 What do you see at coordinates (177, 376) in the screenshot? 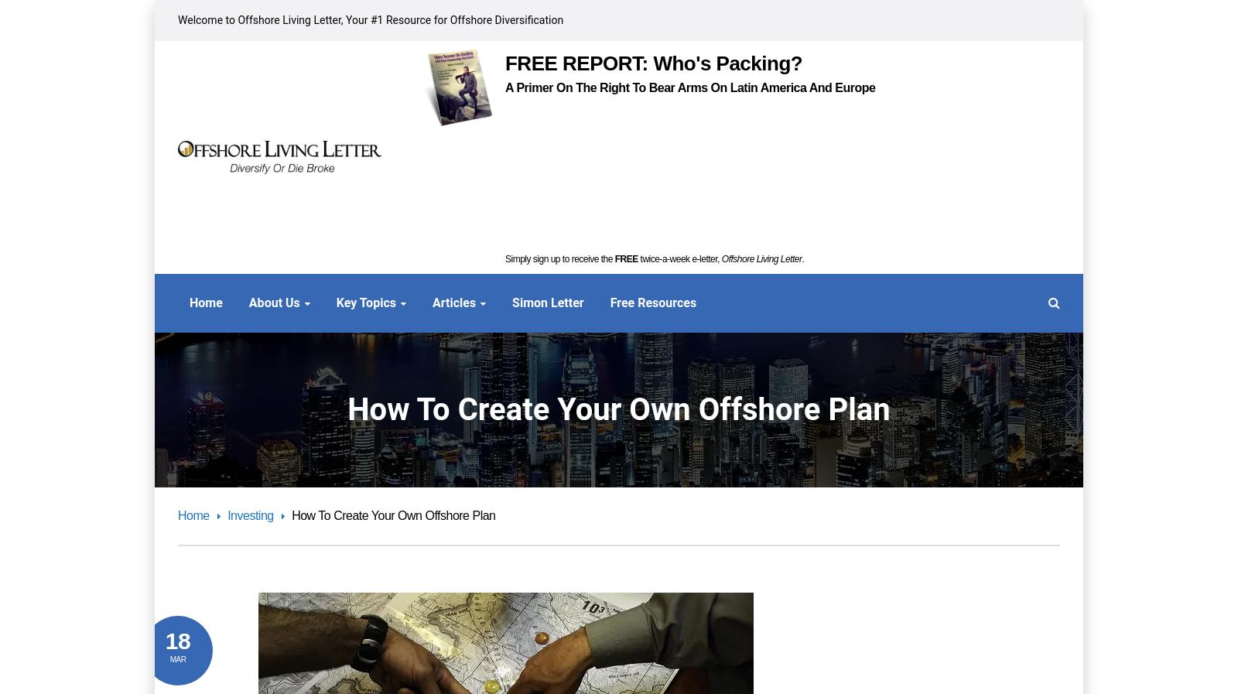
I see `'What is Offshore Living Letter?'` at bounding box center [177, 376].